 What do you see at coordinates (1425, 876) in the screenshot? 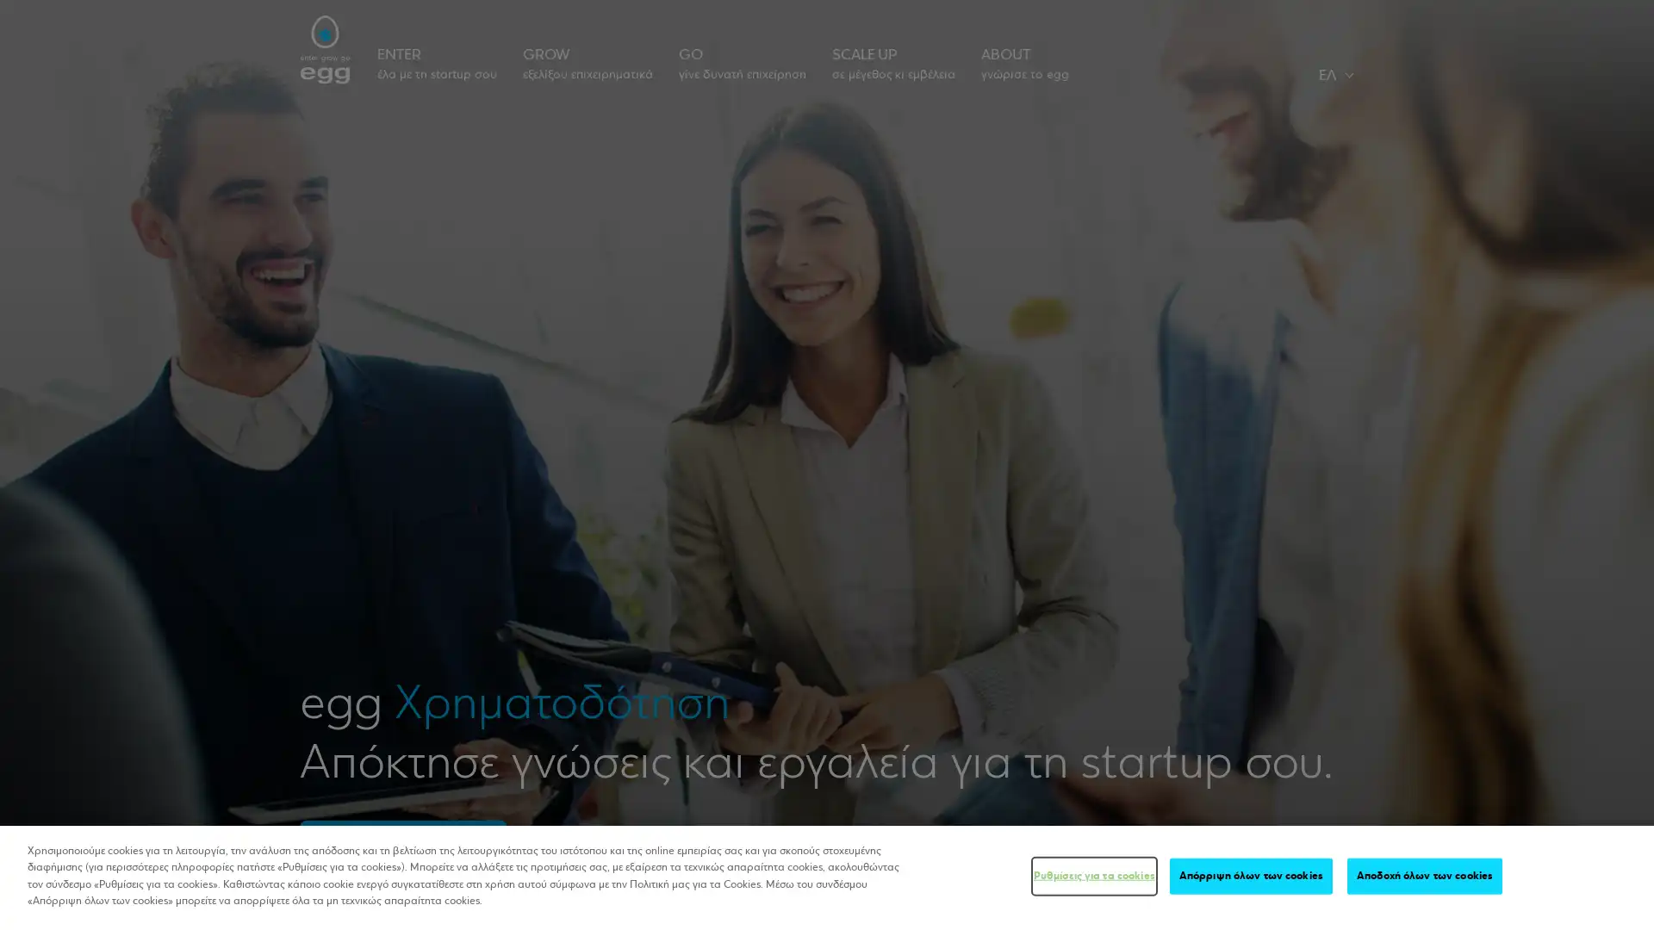
I see `cookies` at bounding box center [1425, 876].